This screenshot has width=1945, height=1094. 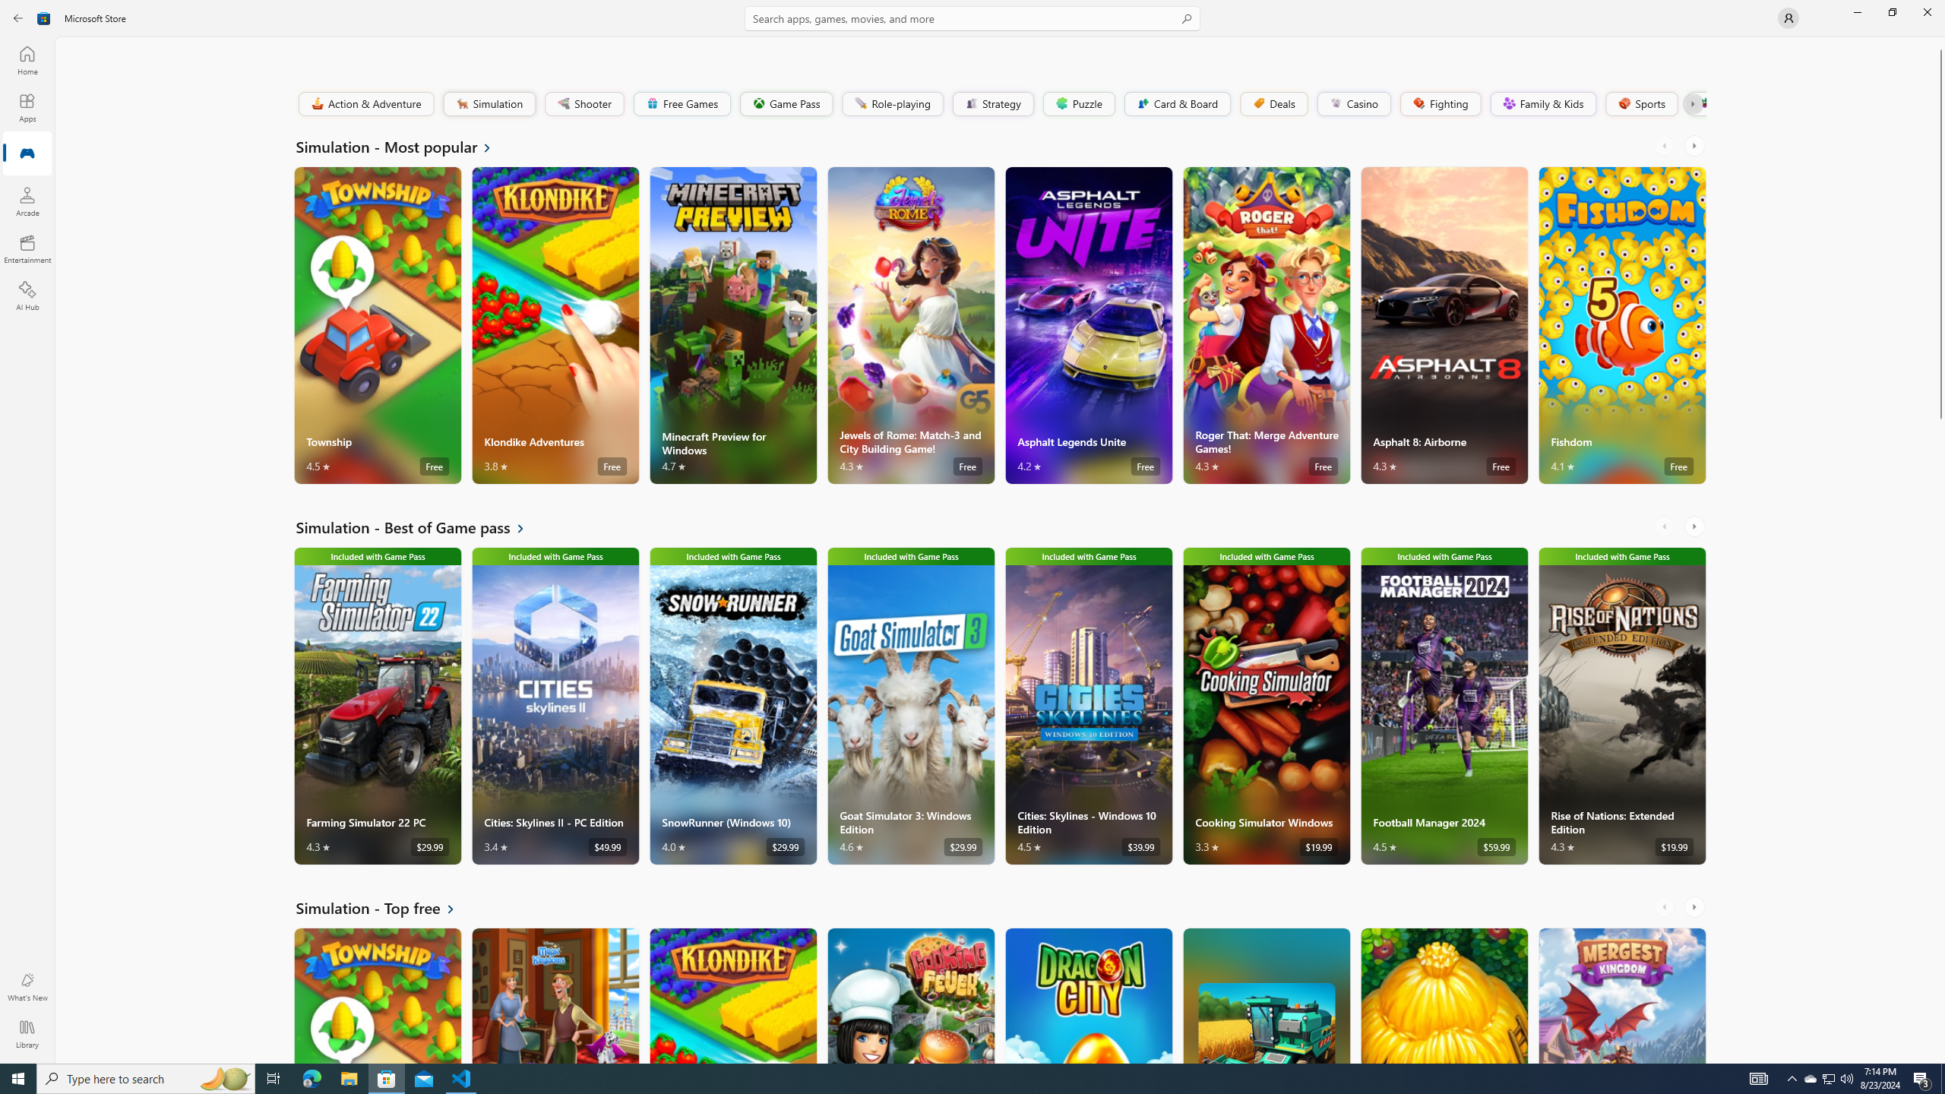 I want to click on 'Home', so click(x=26, y=59).